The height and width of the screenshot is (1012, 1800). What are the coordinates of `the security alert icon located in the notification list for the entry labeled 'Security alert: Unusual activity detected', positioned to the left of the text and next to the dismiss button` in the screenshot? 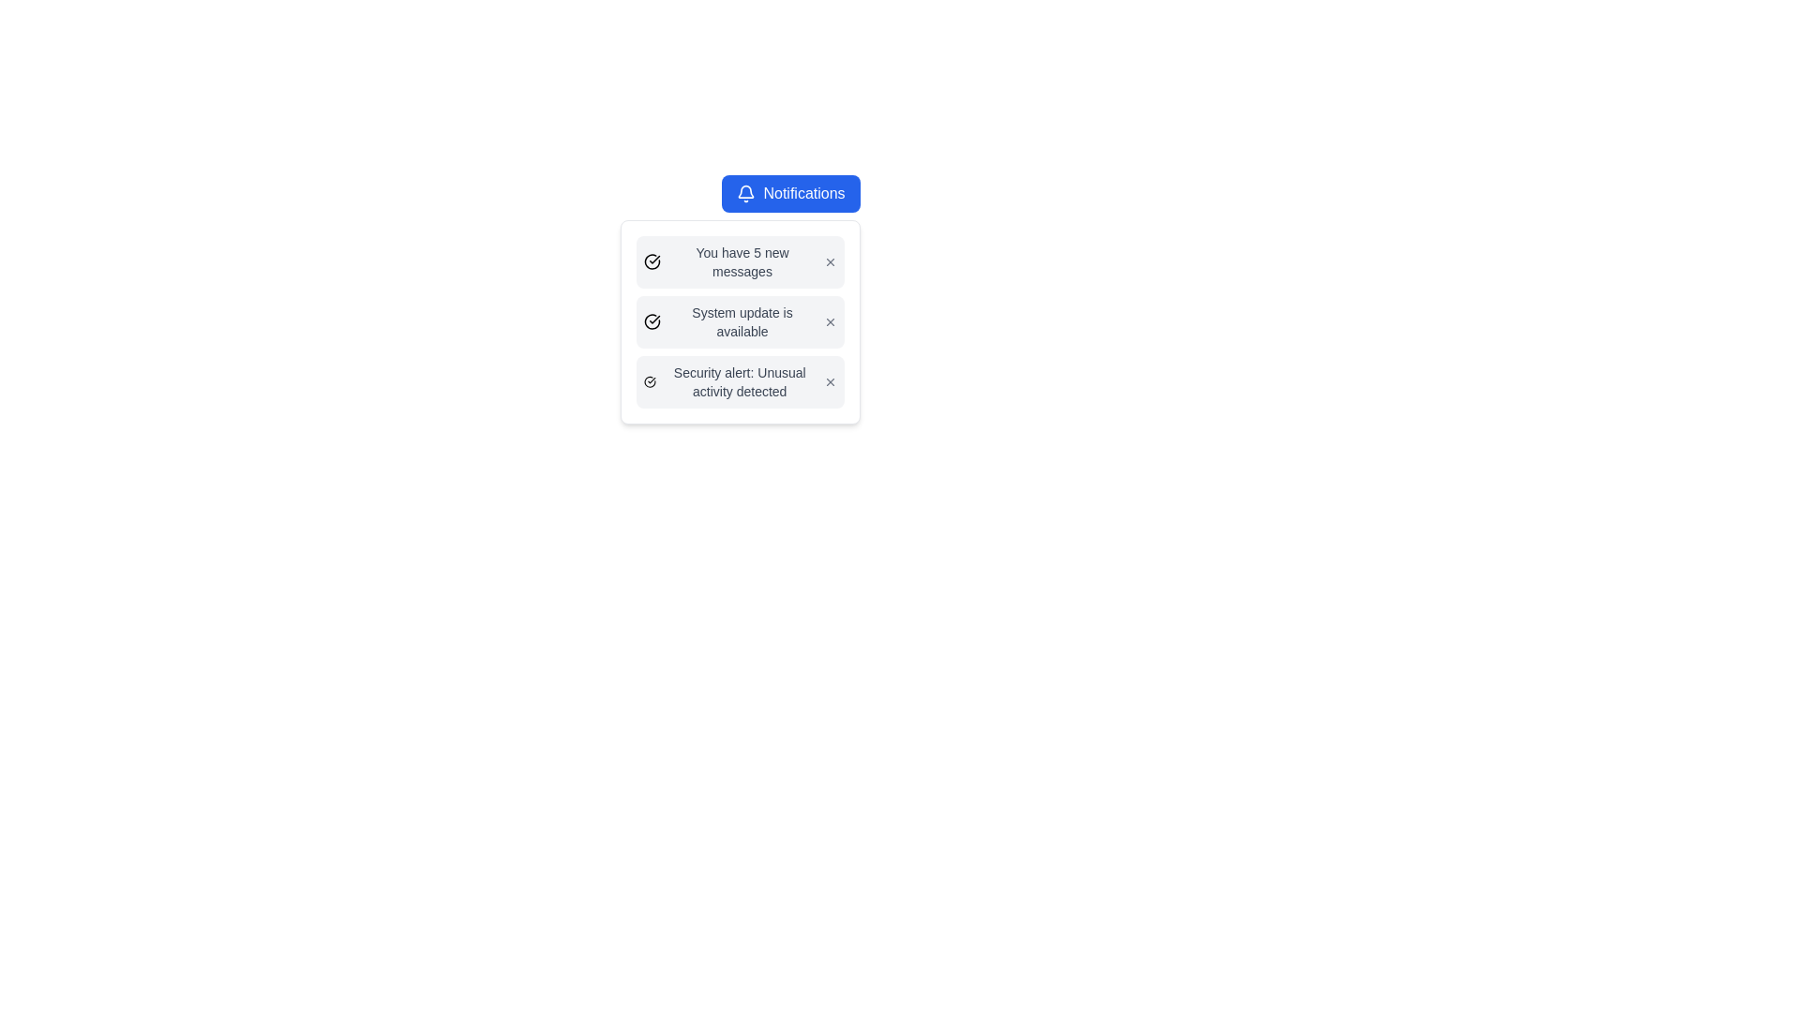 It's located at (650, 381).